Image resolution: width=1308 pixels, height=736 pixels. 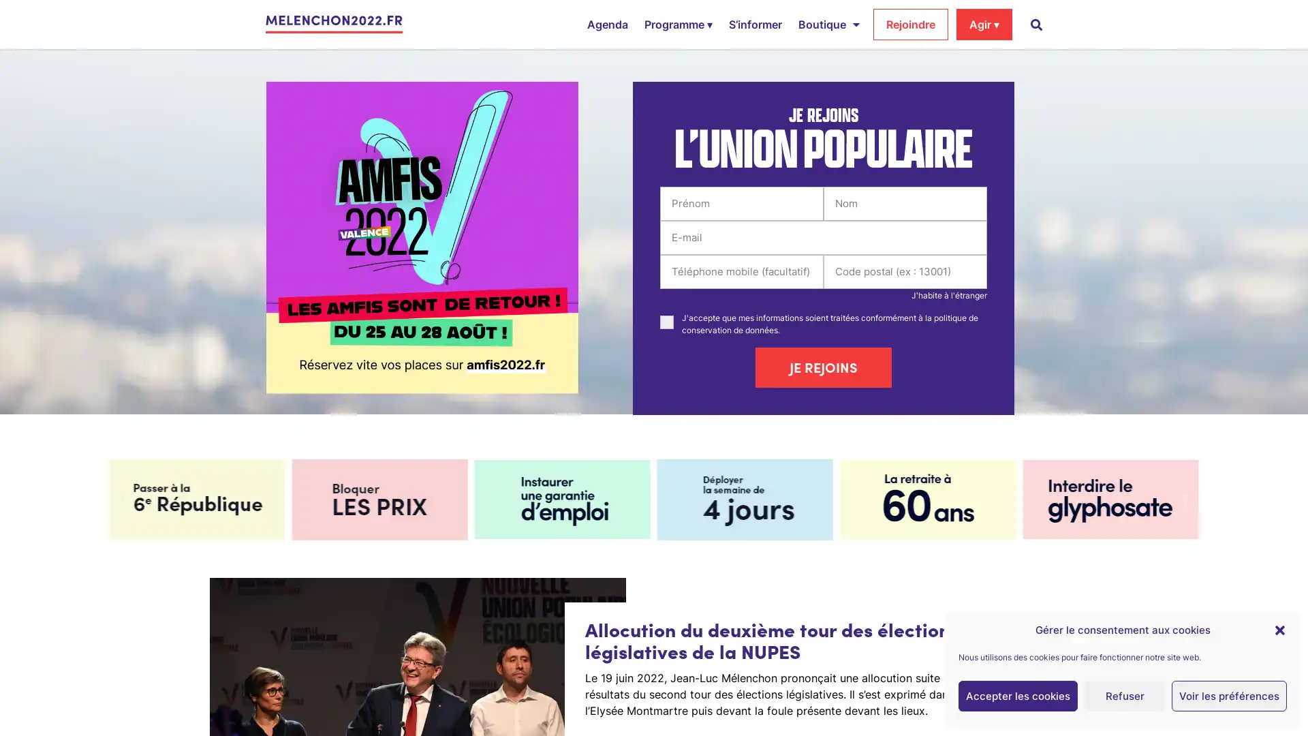 I want to click on JE REJOINS, so click(x=823, y=367).